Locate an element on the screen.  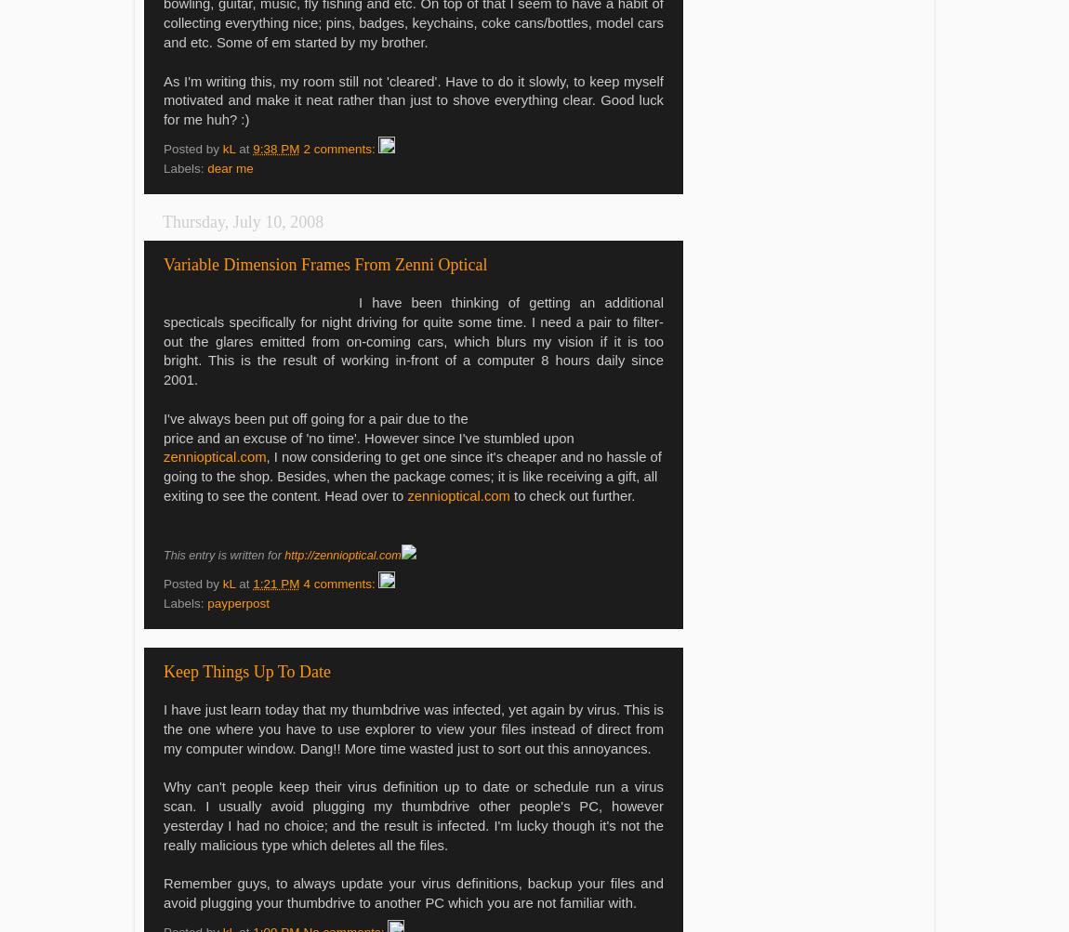
'9:38 PM' is located at coordinates (251, 147).